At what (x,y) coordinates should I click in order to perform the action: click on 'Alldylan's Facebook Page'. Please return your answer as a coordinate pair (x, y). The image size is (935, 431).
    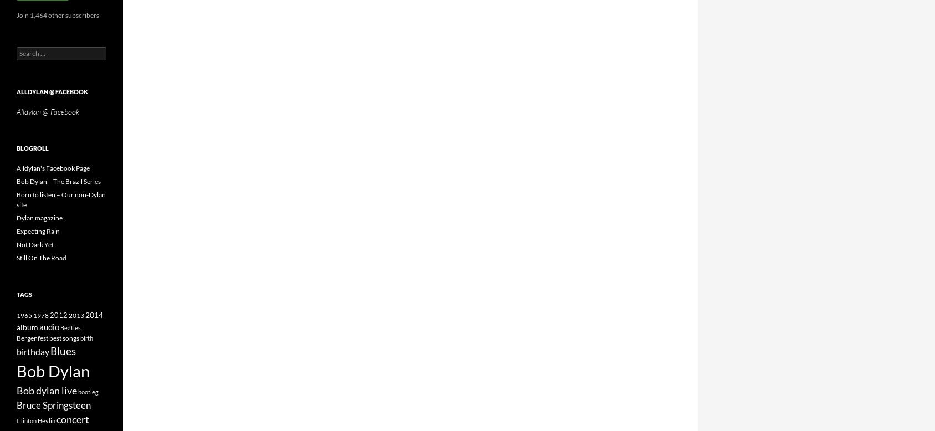
    Looking at the image, I should click on (53, 168).